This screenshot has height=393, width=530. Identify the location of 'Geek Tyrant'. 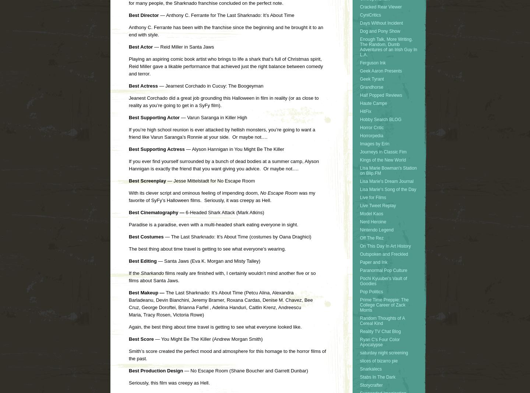
(360, 79).